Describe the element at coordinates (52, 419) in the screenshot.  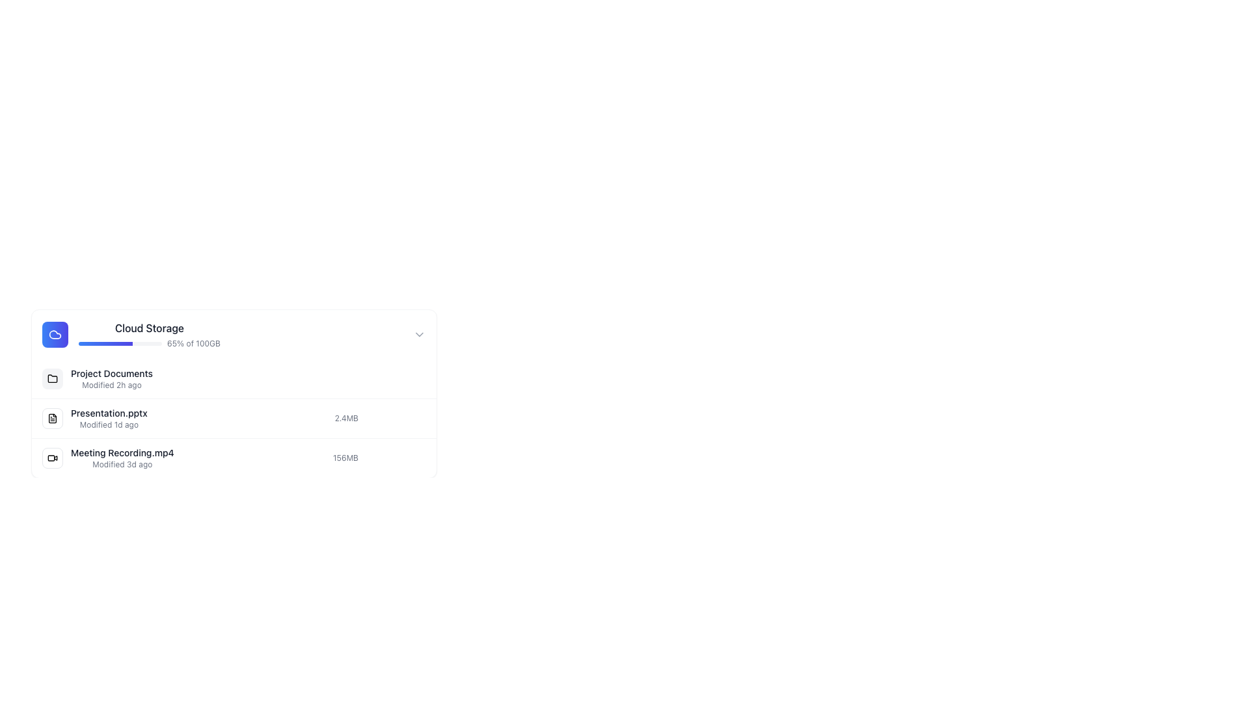
I see `the file icon for 'Presentation.pptx' located` at that location.